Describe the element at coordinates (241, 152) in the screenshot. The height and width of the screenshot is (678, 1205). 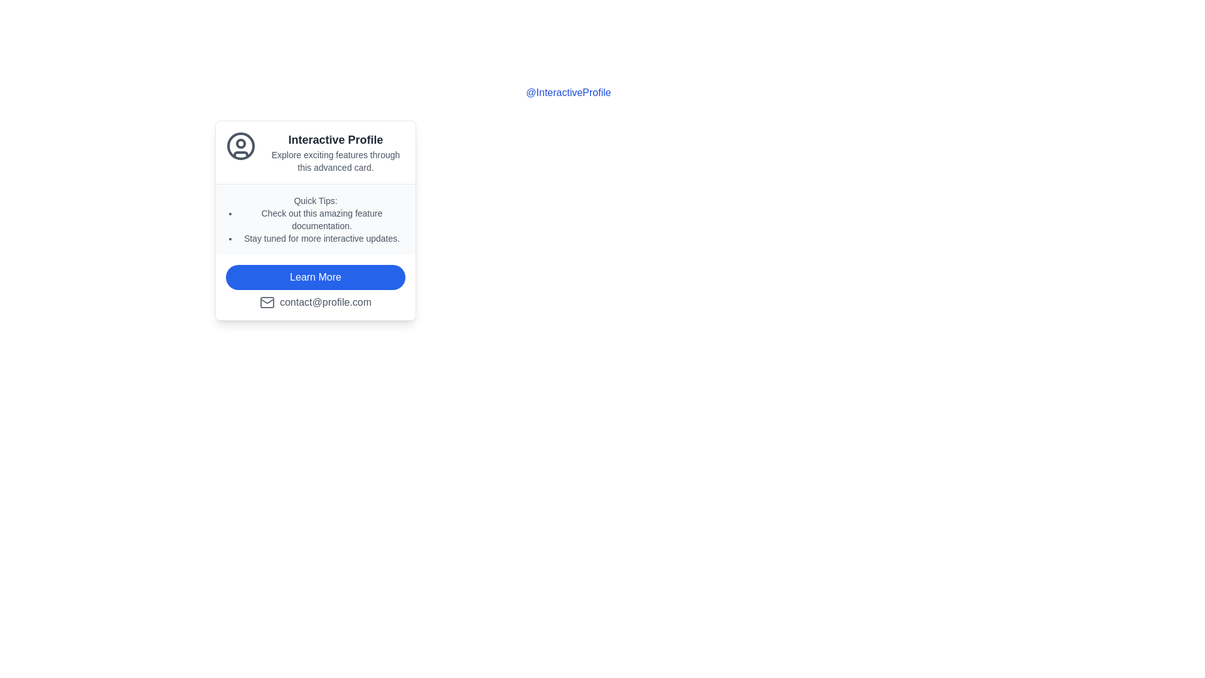
I see `the decorative profile icon located in the upper-left corner of the card, next to the title text 'Interactive Profile'` at that location.